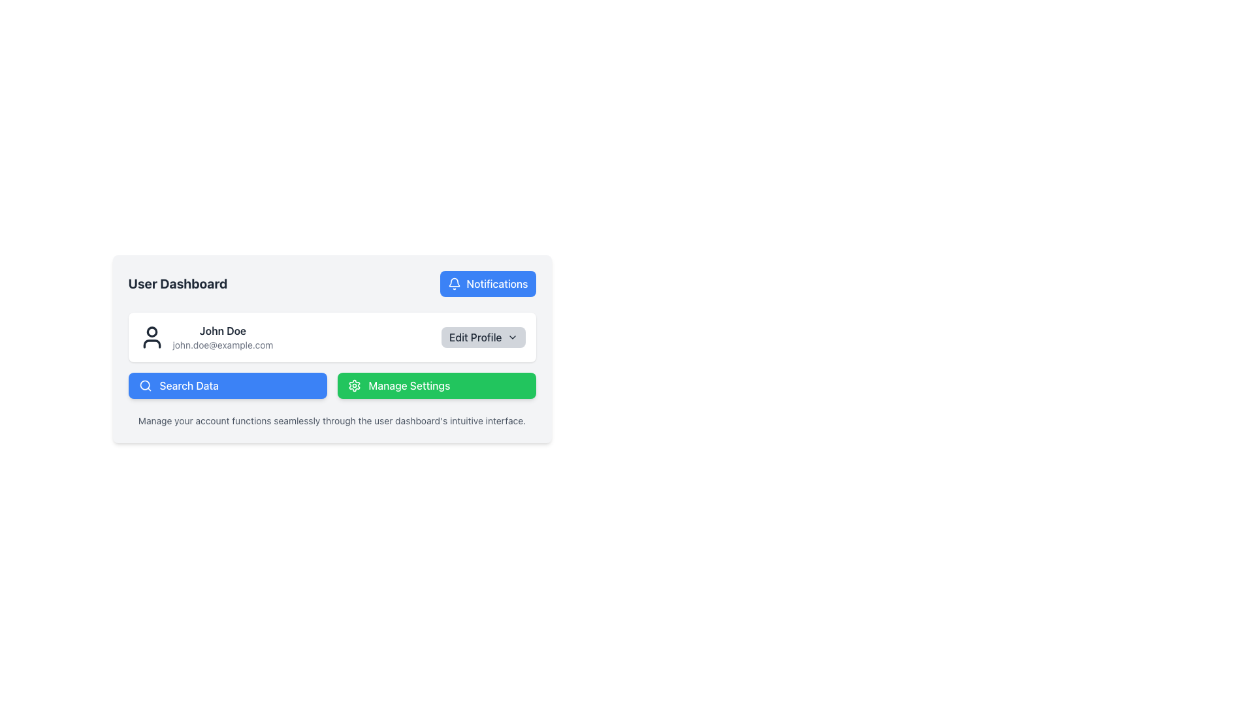 The image size is (1254, 705). What do you see at coordinates (511, 336) in the screenshot?
I see `the downward-pointing chevron icon next to the 'Edit Profile' button, which serves as a visual indicator for additional options` at bounding box center [511, 336].